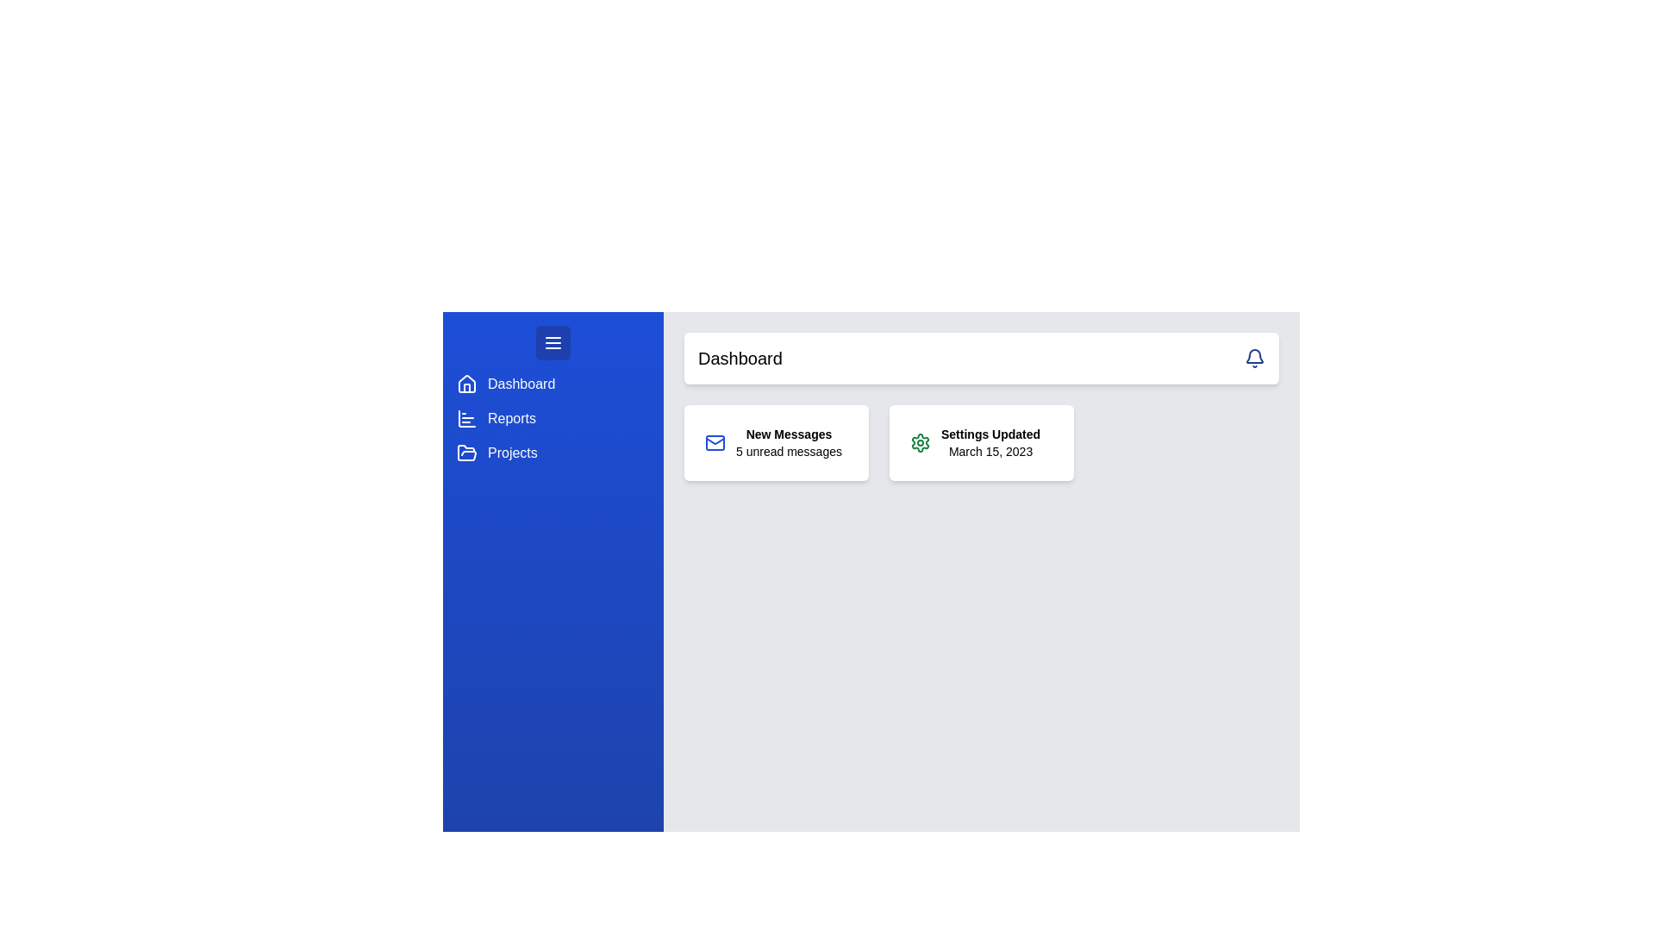 The height and width of the screenshot is (931, 1655). Describe the element at coordinates (981, 441) in the screenshot. I see `the informational widget displaying 'Settings Updated' status, located in the Dashboard section of the grid layout` at that location.